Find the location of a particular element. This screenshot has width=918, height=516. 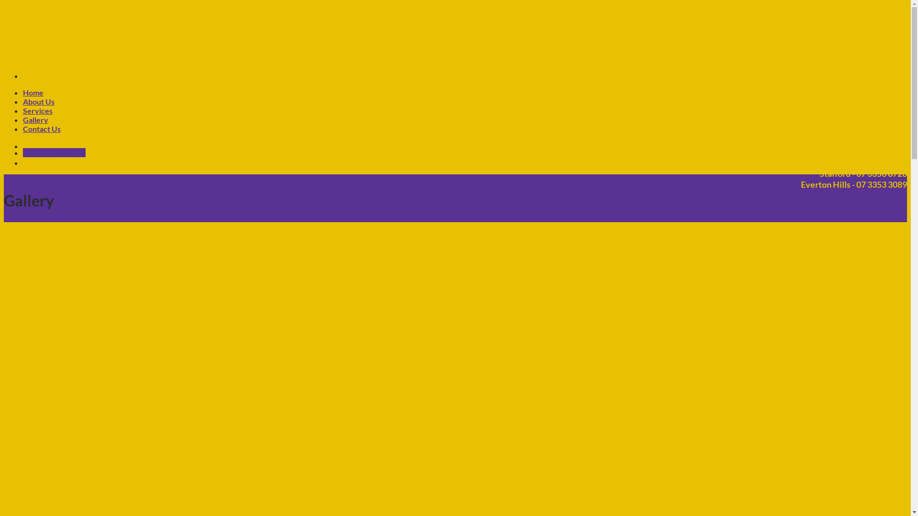

'Stafford - 07 3356 8728' is located at coordinates (856, 173).